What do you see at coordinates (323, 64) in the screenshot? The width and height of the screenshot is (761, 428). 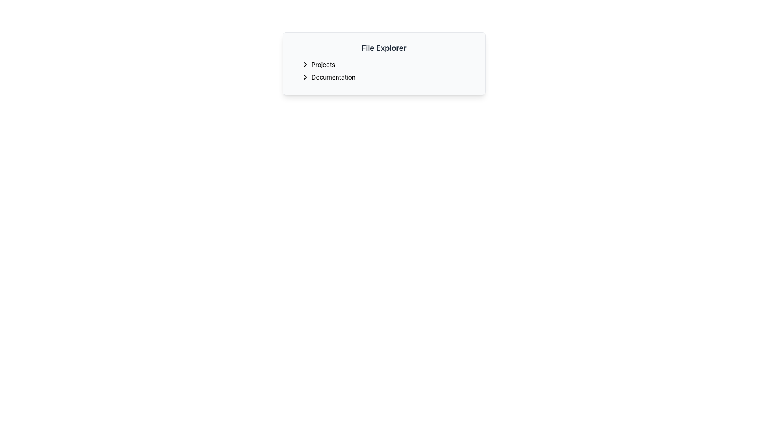 I see `the 'Projects' text label in the file explorer menu` at bounding box center [323, 64].